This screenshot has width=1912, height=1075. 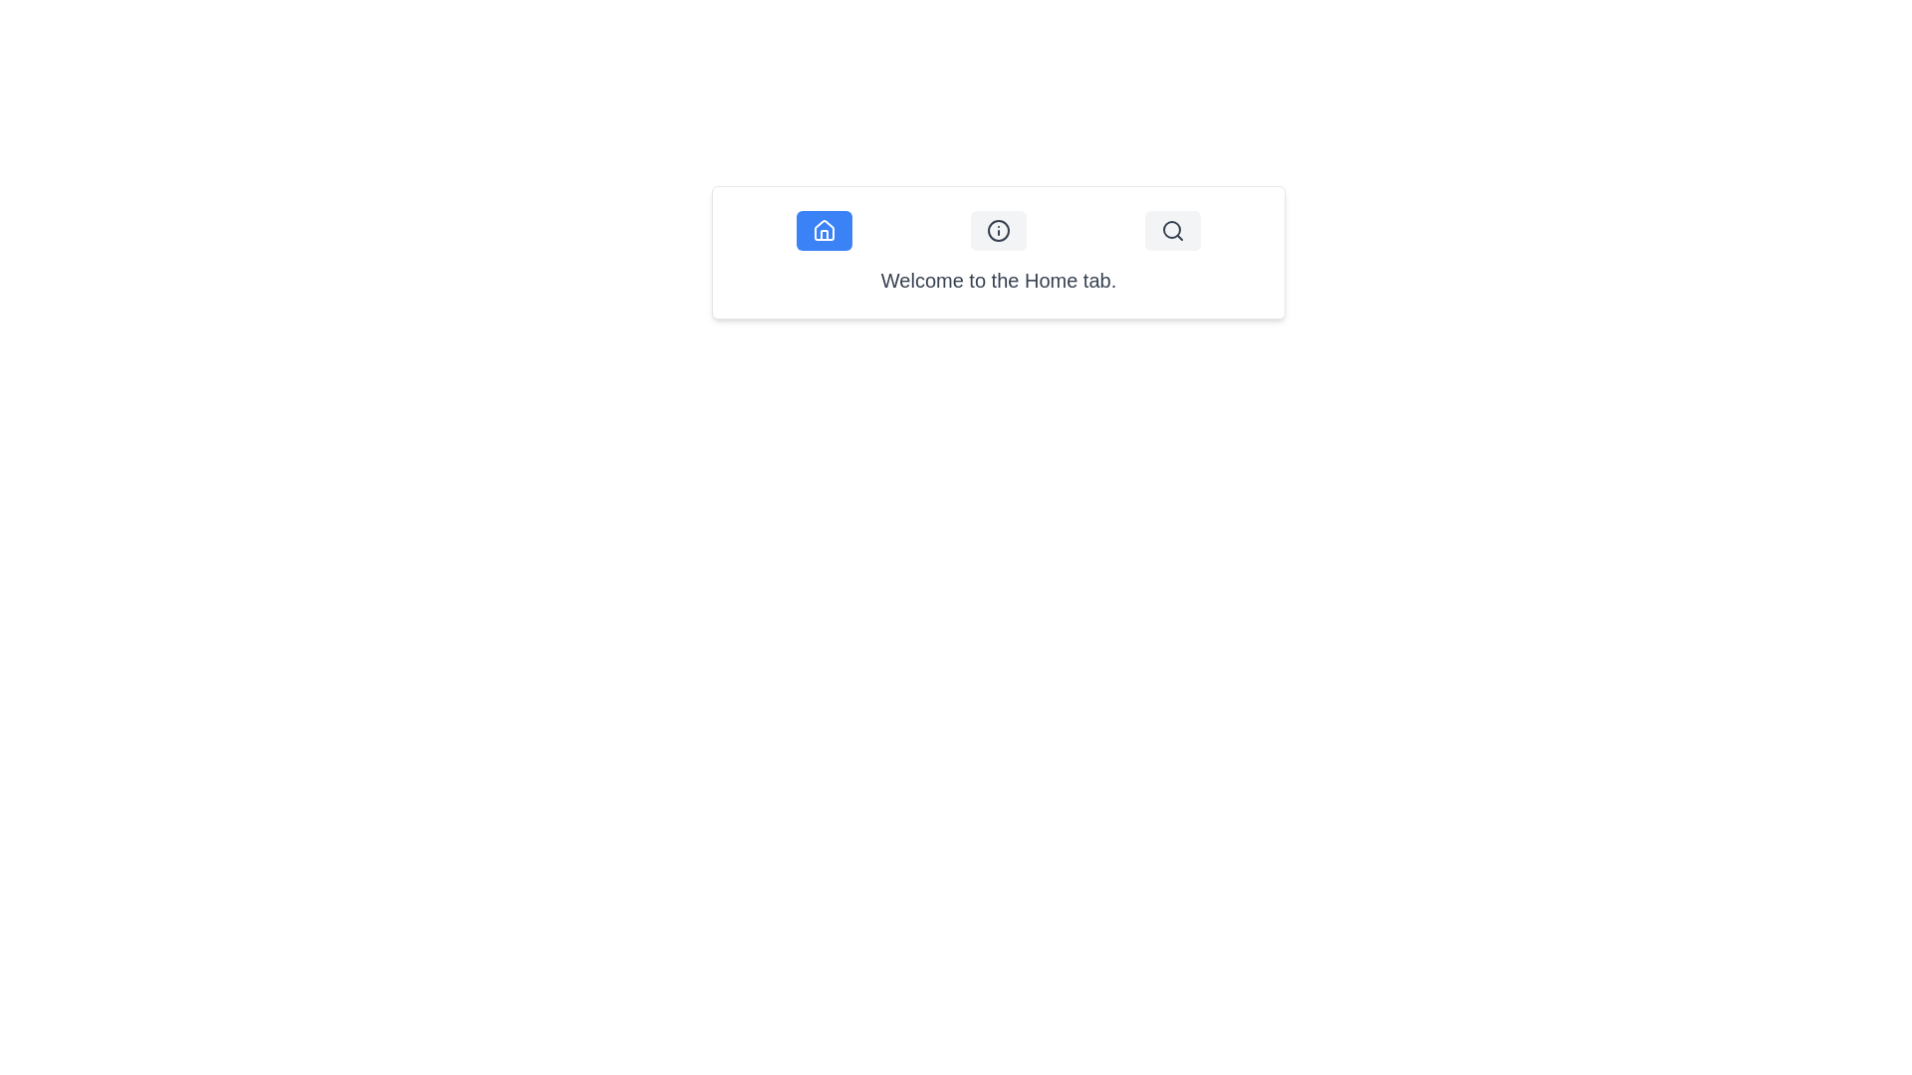 What do you see at coordinates (999, 229) in the screenshot?
I see `the informational icon located at the center of a rounded rectangular button with a gray background, which is the second button in a horizontal group of three similar buttons` at bounding box center [999, 229].